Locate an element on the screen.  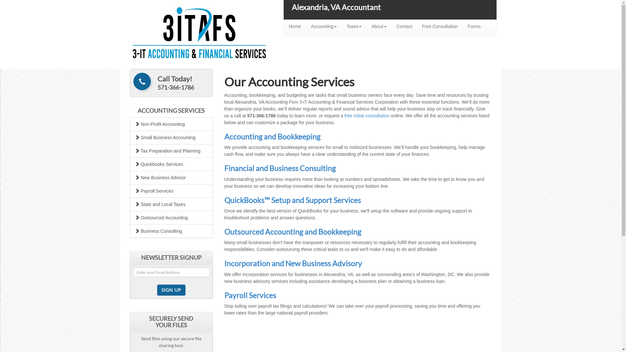
'Accounting' is located at coordinates (305, 26).